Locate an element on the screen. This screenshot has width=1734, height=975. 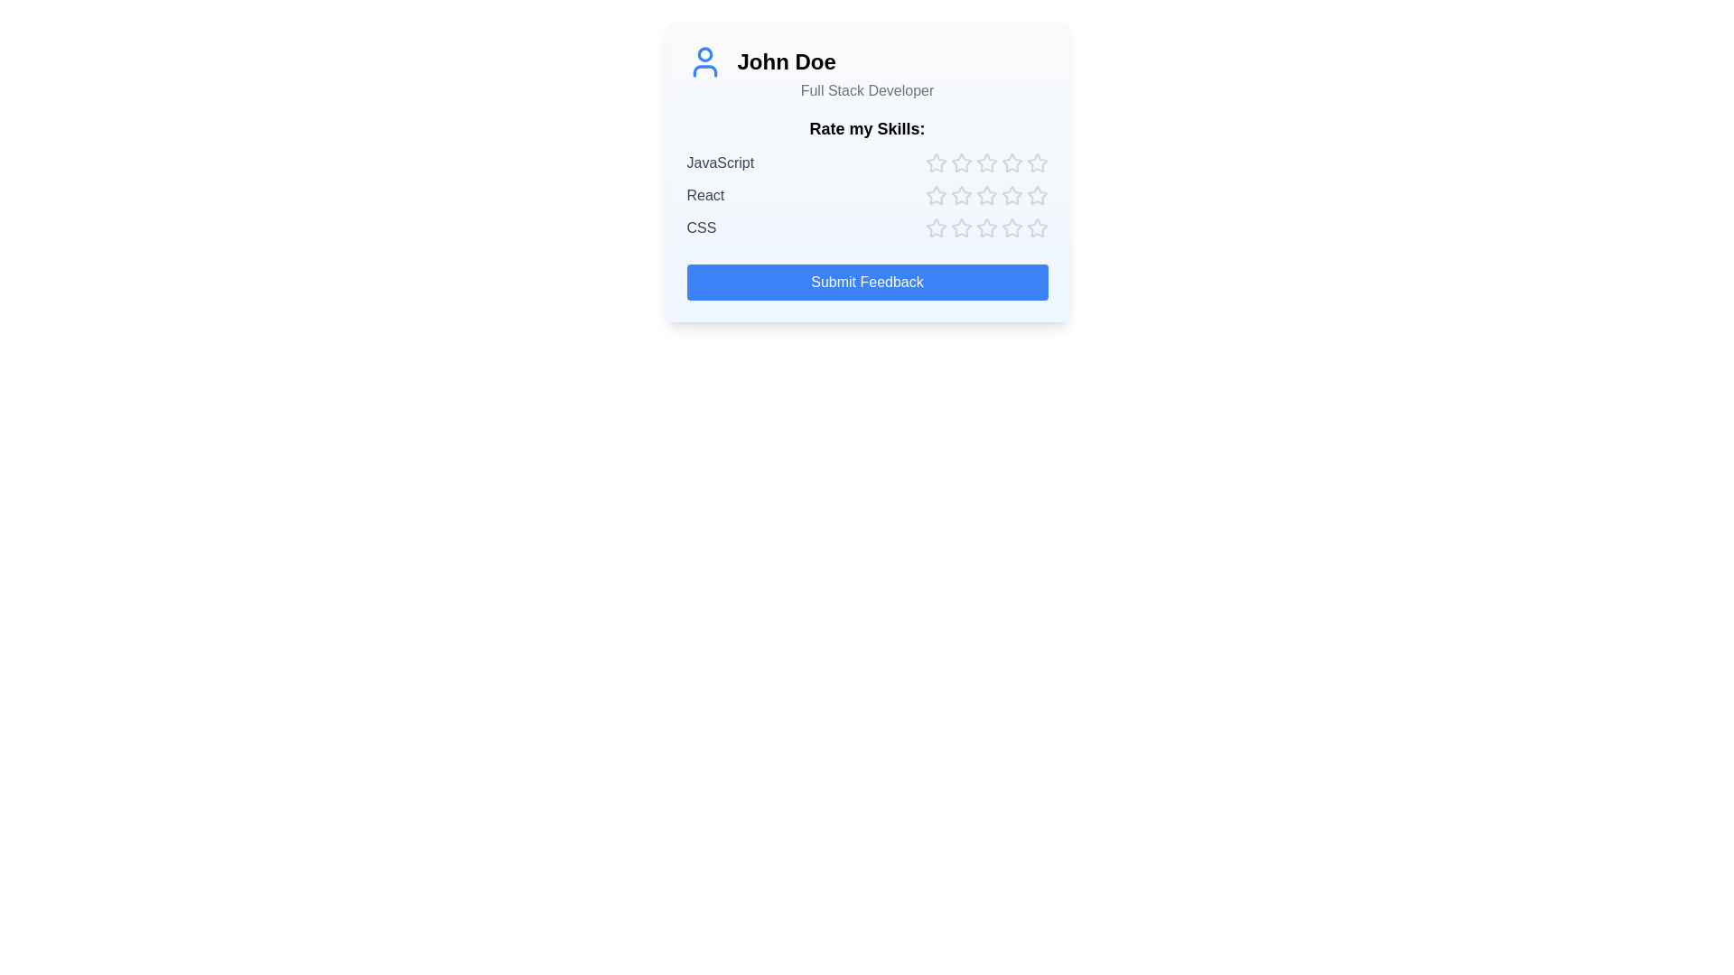
the star corresponding to skill JavaScript and rating 3 is located at coordinates (985, 163).